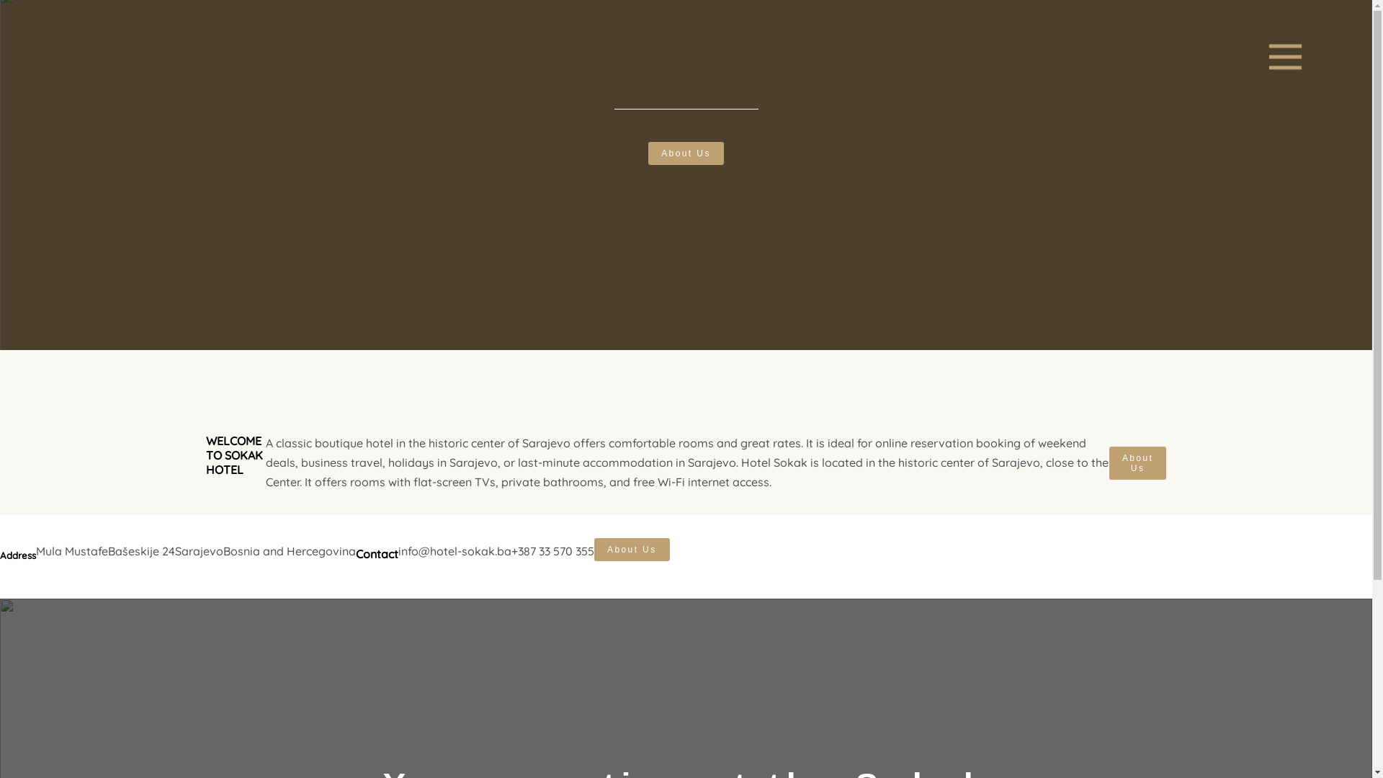 This screenshot has height=778, width=1383. Describe the element at coordinates (632, 550) in the screenshot. I see `'About Us'` at that location.